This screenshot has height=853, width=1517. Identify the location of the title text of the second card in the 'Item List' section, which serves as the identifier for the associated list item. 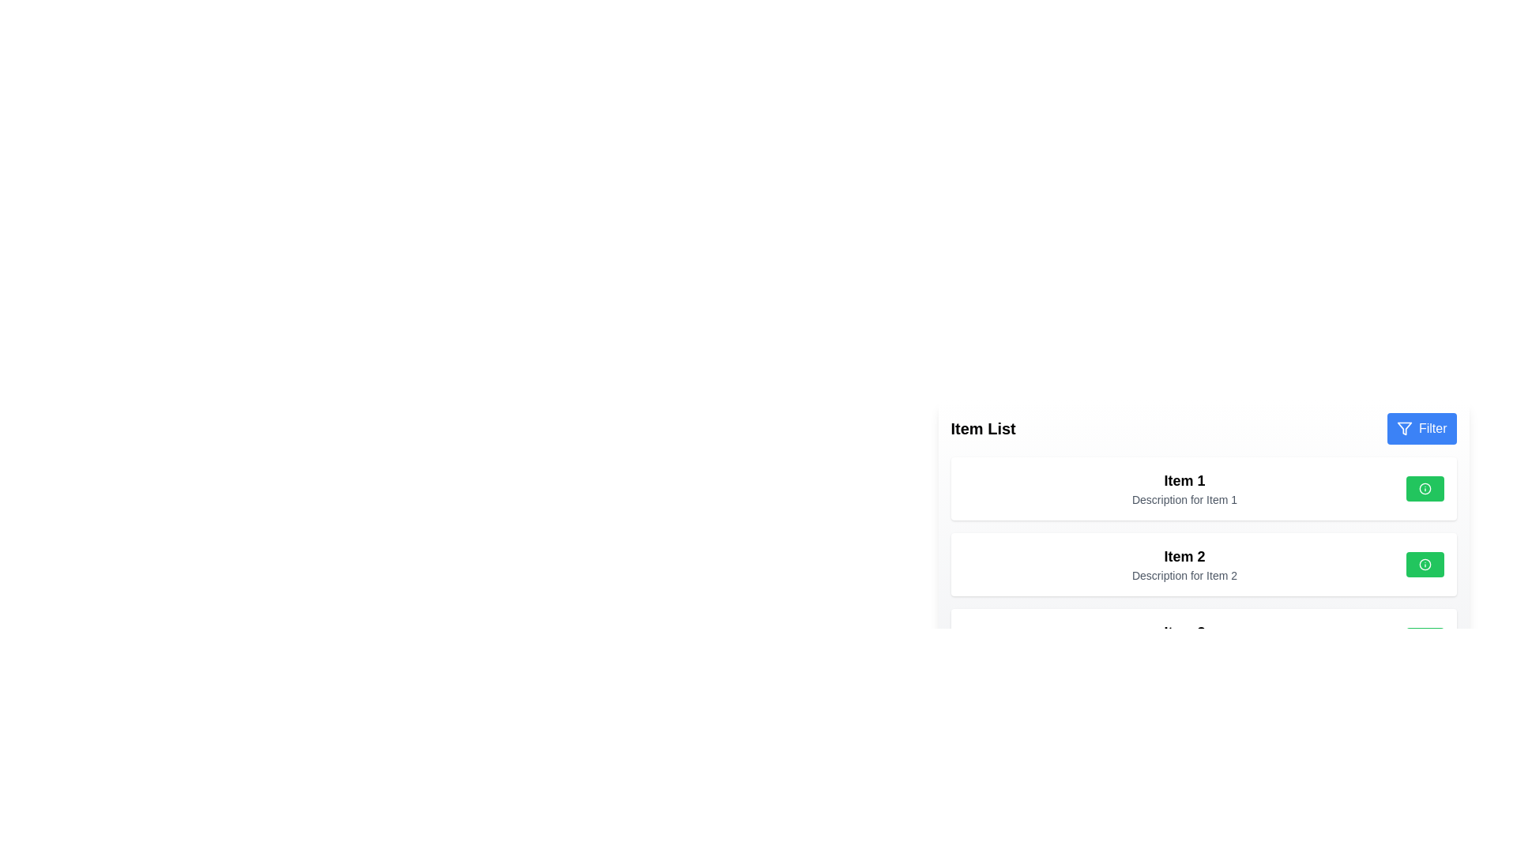
(1184, 556).